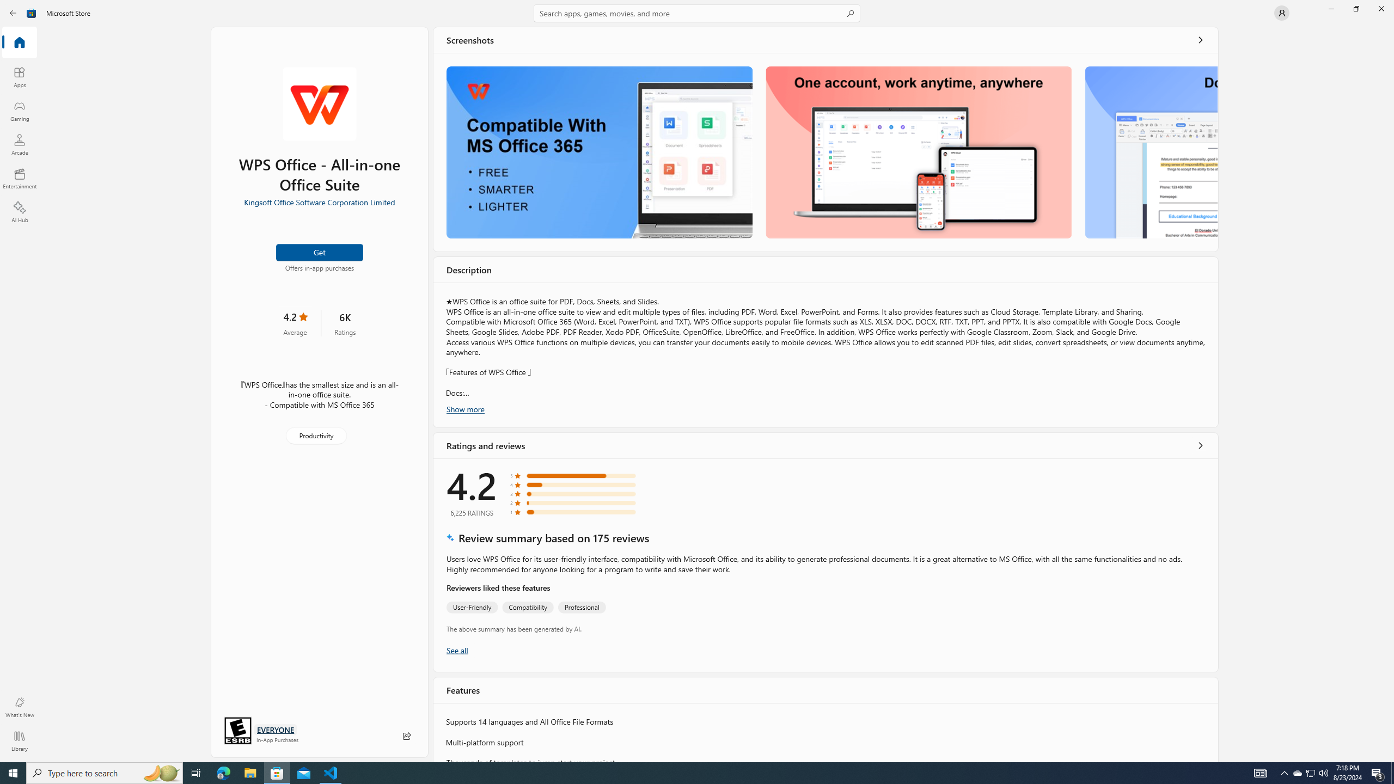 This screenshot has width=1394, height=784. Describe the element at coordinates (1281, 12) in the screenshot. I see `'User profile'` at that location.